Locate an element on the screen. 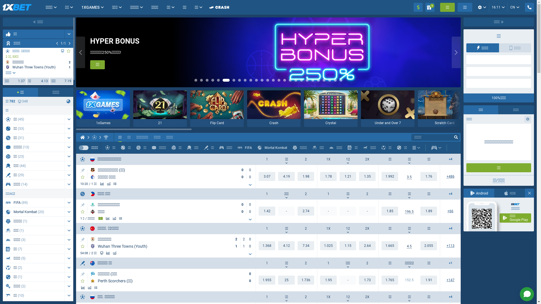  '1.98' is located at coordinates (305, 176).